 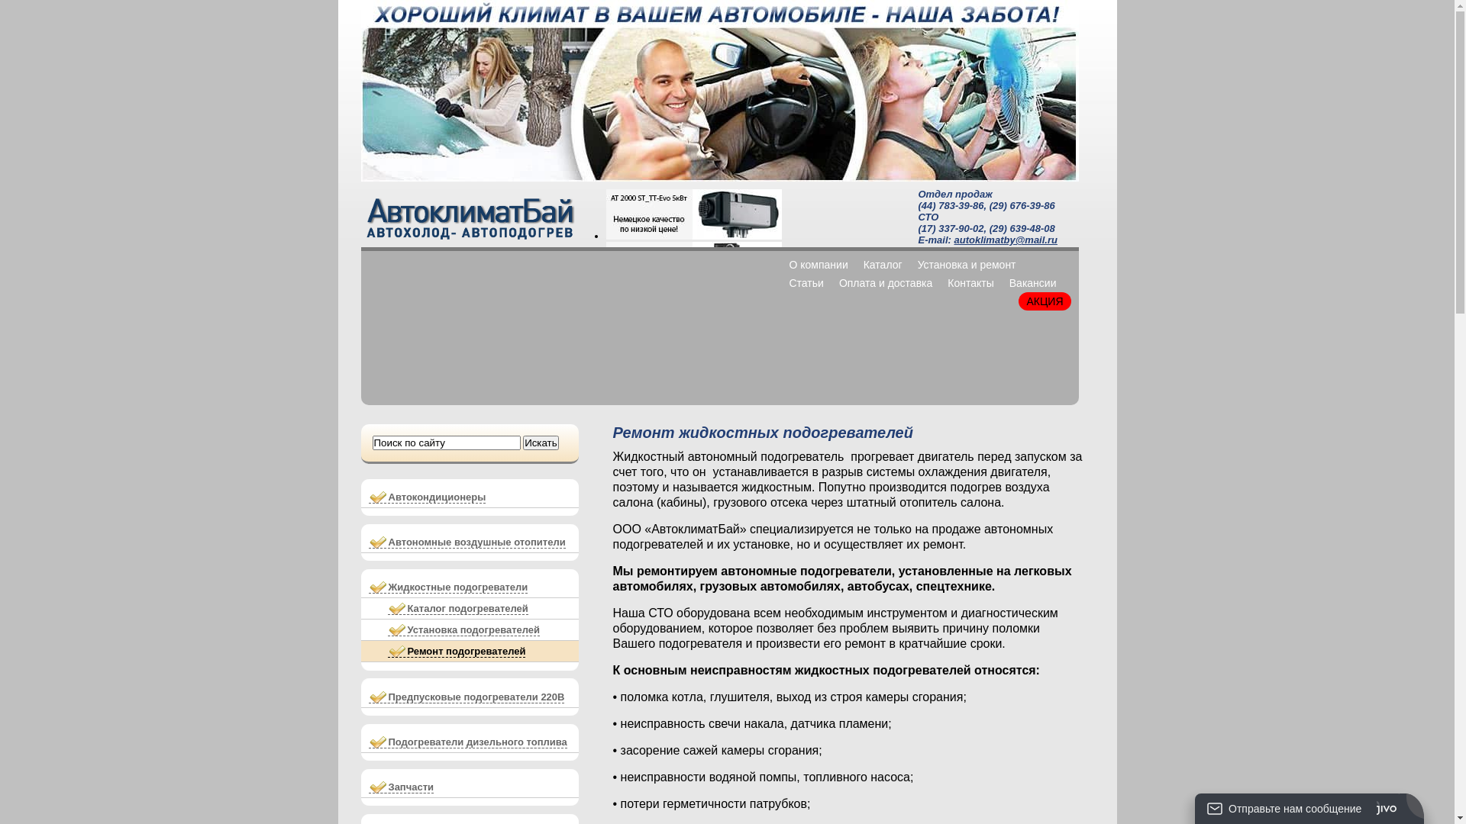 I want to click on 'autoklimatby@mail.ru', so click(x=1005, y=240).